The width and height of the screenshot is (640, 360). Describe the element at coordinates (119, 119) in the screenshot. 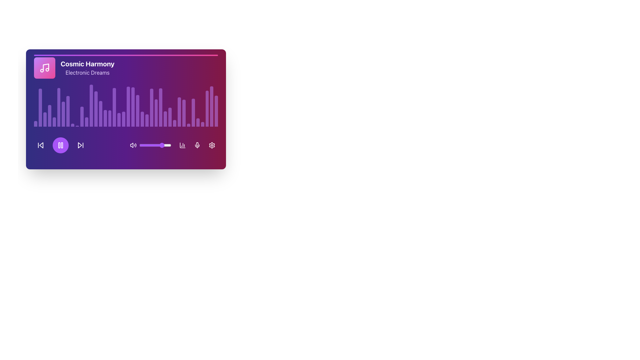

I see `the 19th vertical bar of the audio visualization, located below the text 'Cosmic Harmony' and 'Electronic Dreams'` at that location.